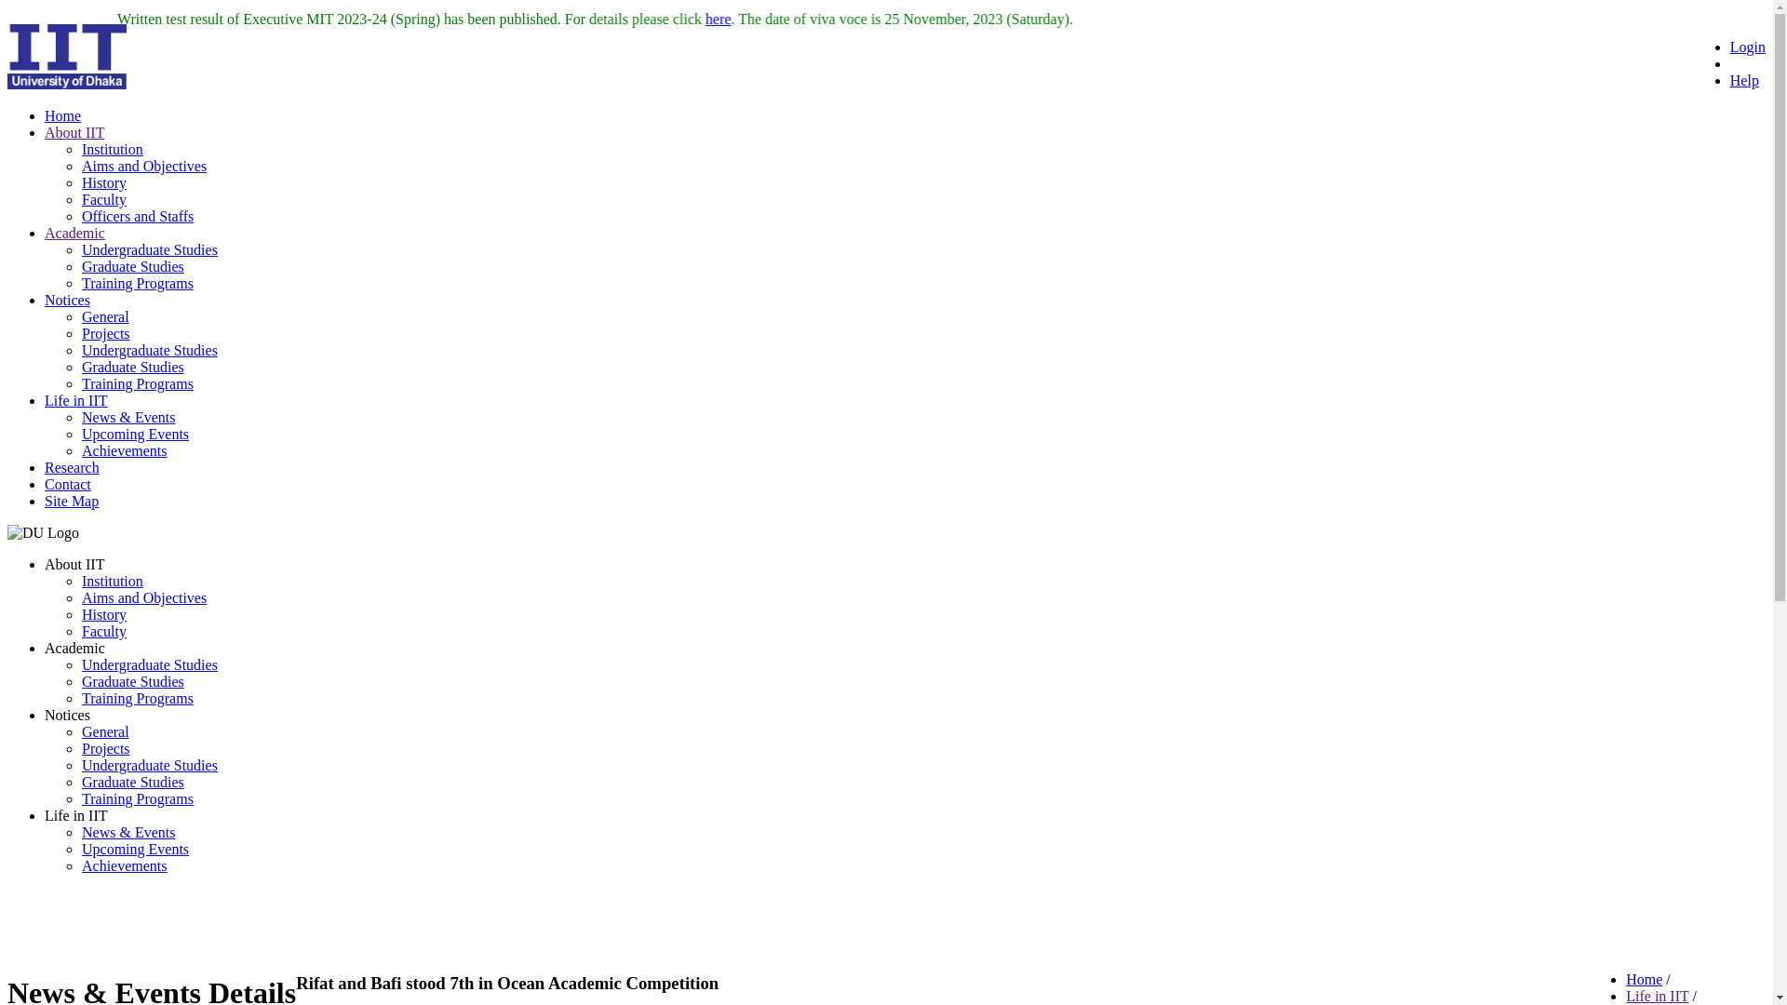 The image size is (1787, 1005). I want to click on 'Research', so click(72, 466).